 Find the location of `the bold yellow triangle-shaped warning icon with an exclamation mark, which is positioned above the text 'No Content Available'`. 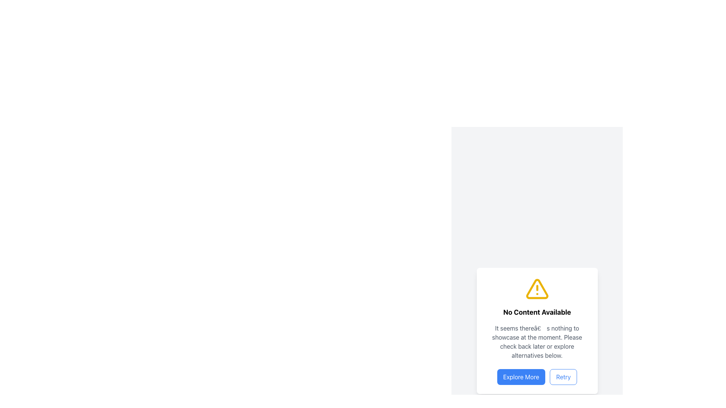

the bold yellow triangle-shaped warning icon with an exclamation mark, which is positioned above the text 'No Content Available' is located at coordinates (537, 289).